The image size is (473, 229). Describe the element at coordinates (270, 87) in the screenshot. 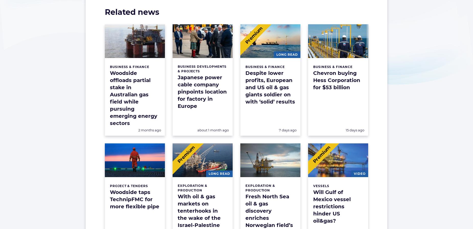

I see `'Despite lower profits, European and US oil & gas giants soldier on with ‘solid’ results'` at that location.